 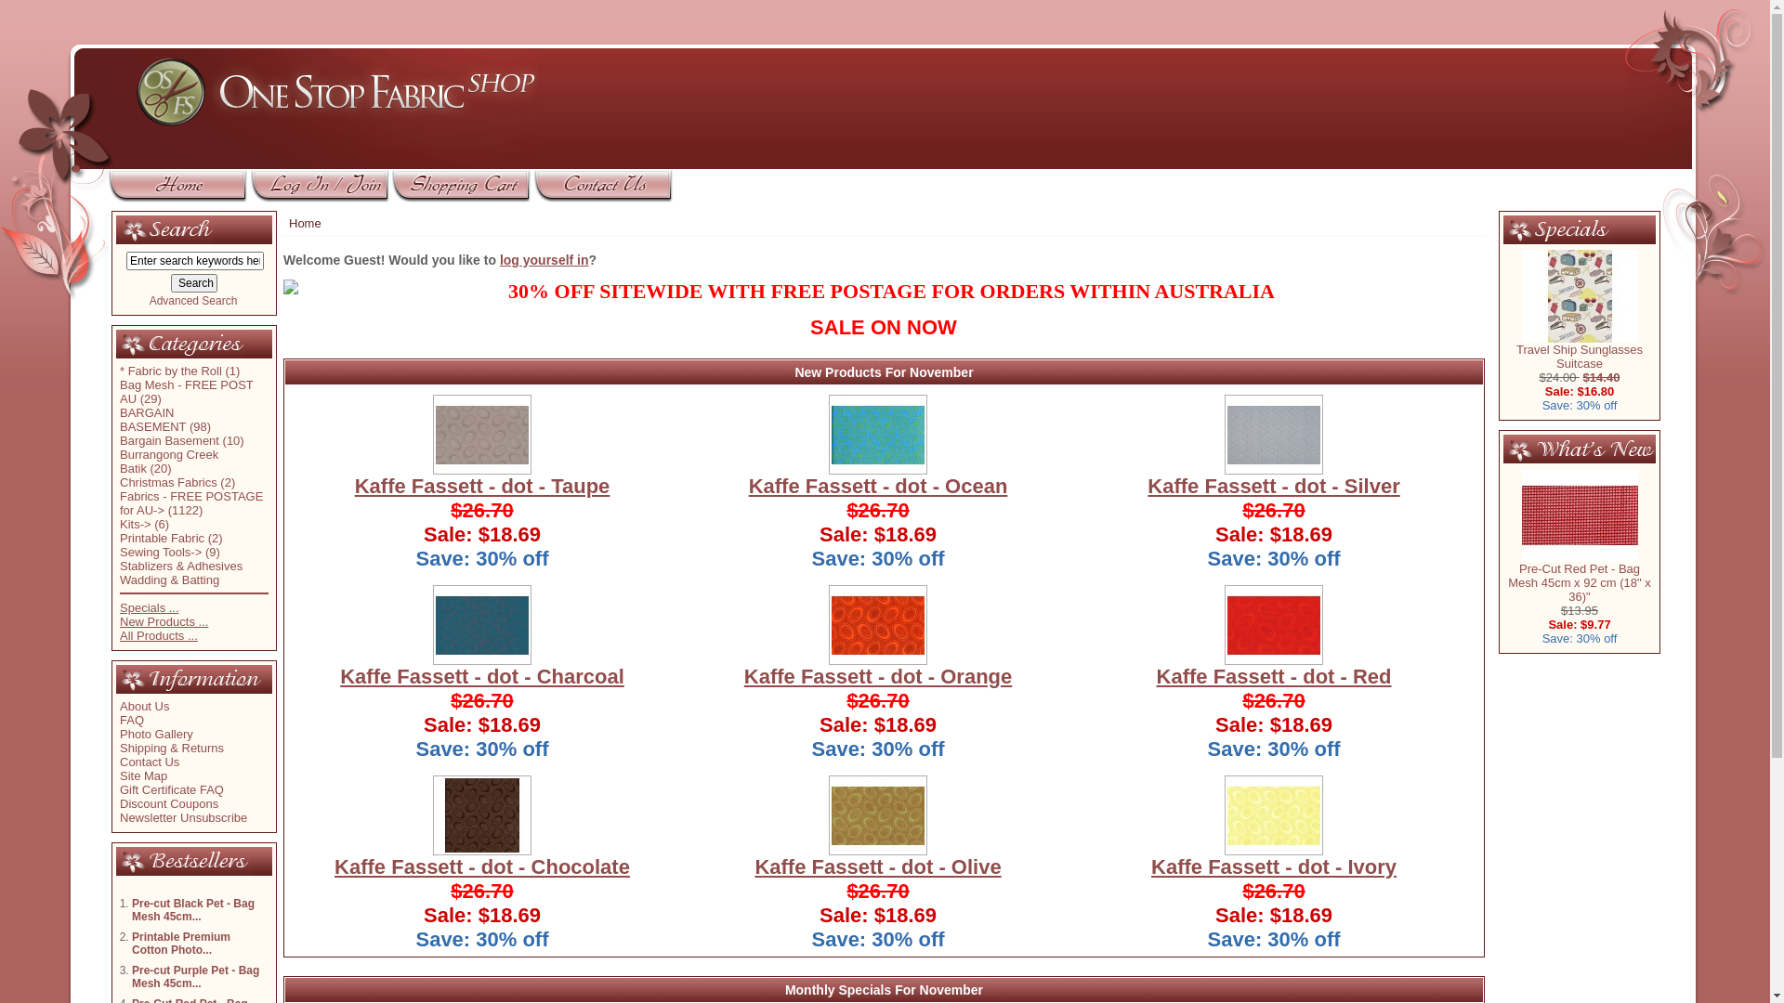 What do you see at coordinates (169, 579) in the screenshot?
I see `'Wadding & Batting'` at bounding box center [169, 579].